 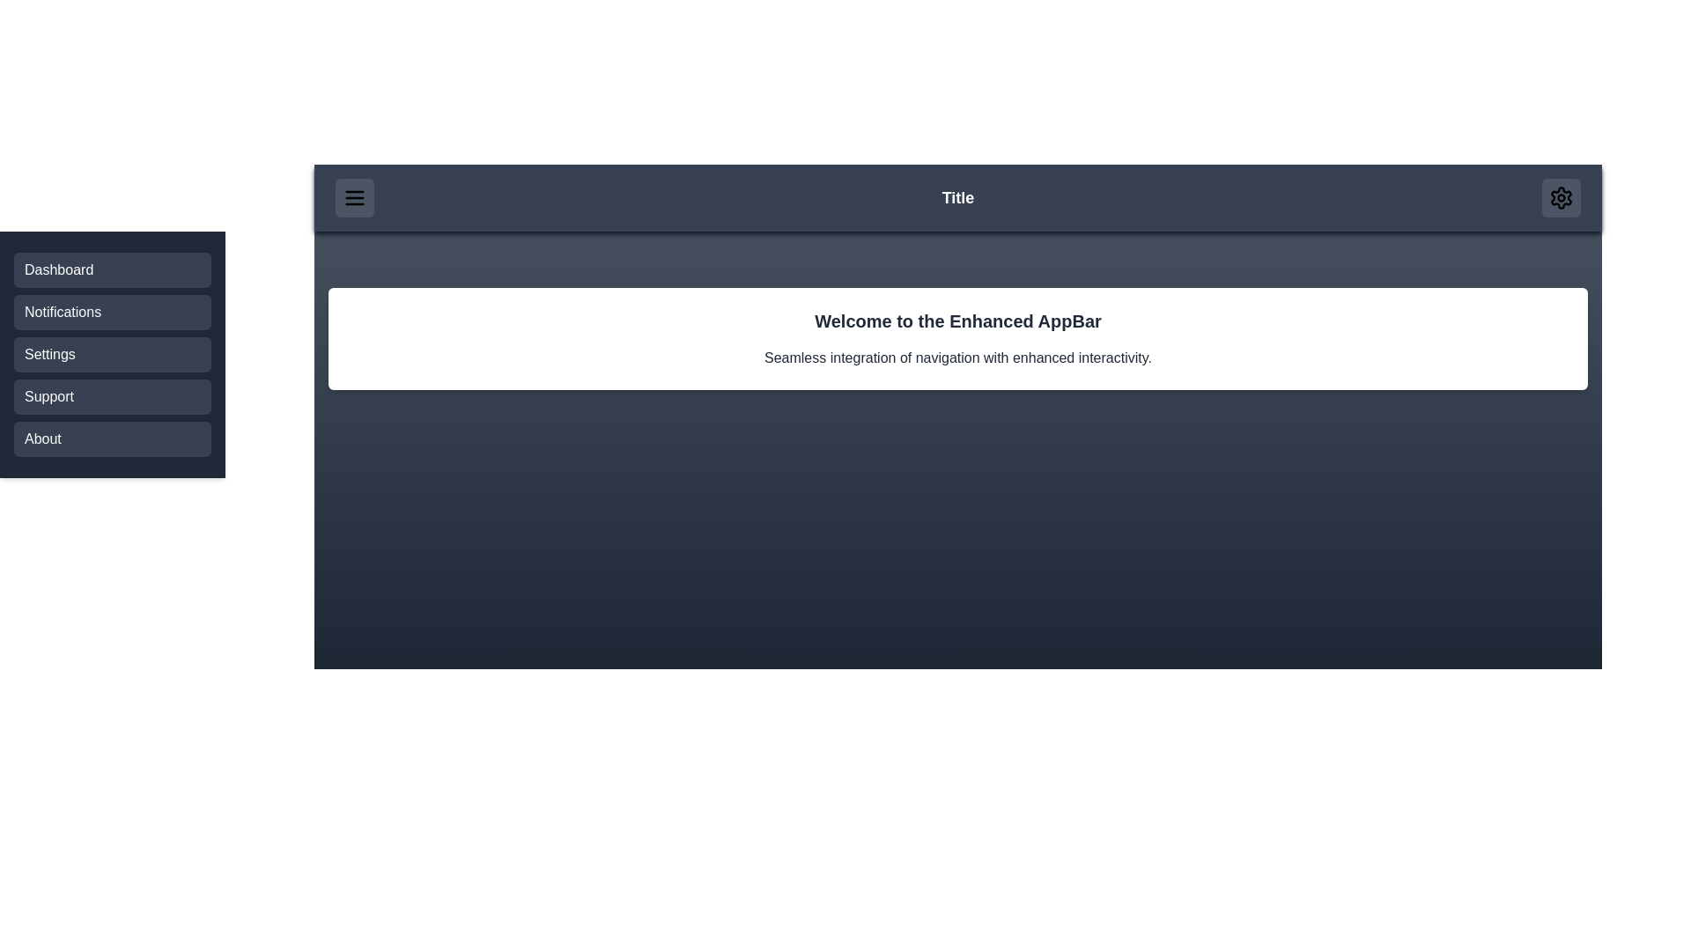 I want to click on the Notifications menu item, so click(x=112, y=311).